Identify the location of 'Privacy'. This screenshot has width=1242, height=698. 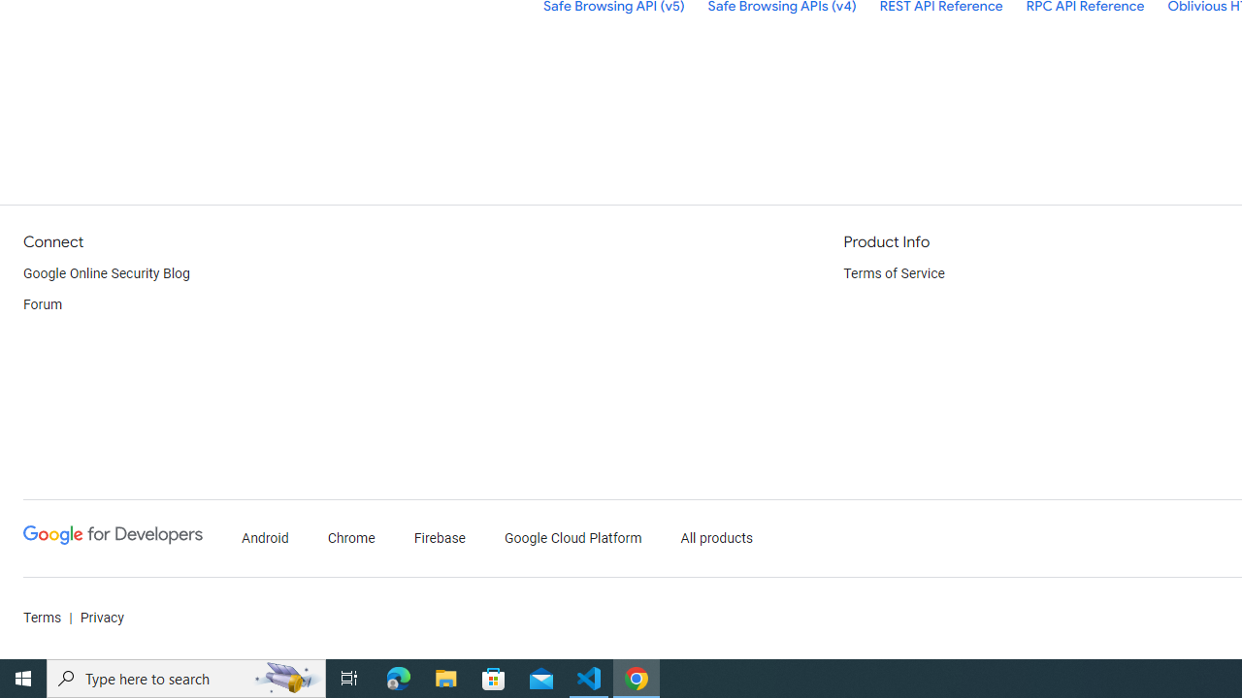
(100, 618).